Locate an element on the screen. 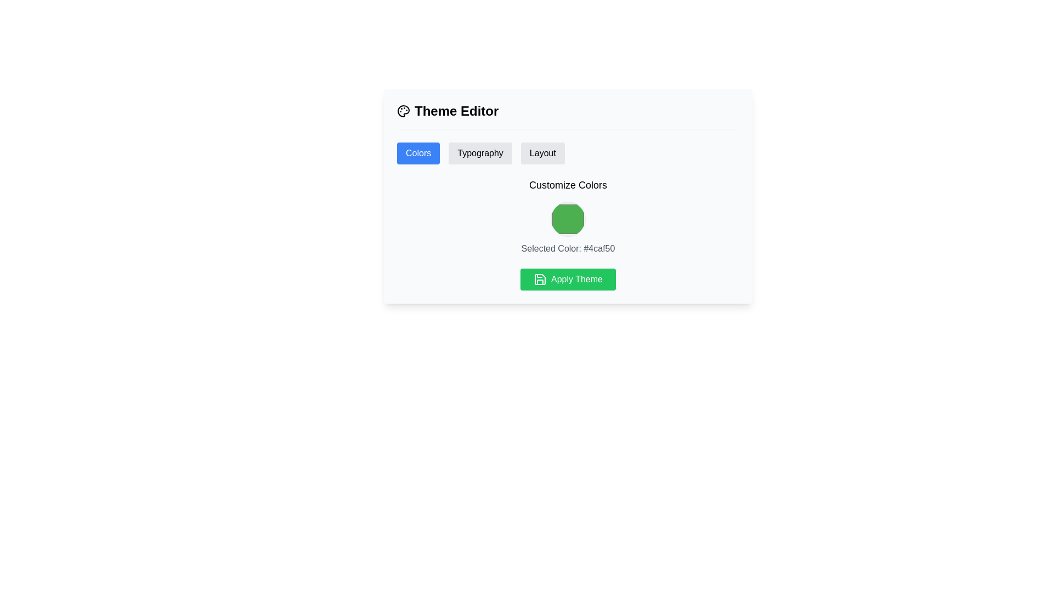  the main SVG graphic element that symbolizes color or theme customization in the user interface is located at coordinates (403, 111).